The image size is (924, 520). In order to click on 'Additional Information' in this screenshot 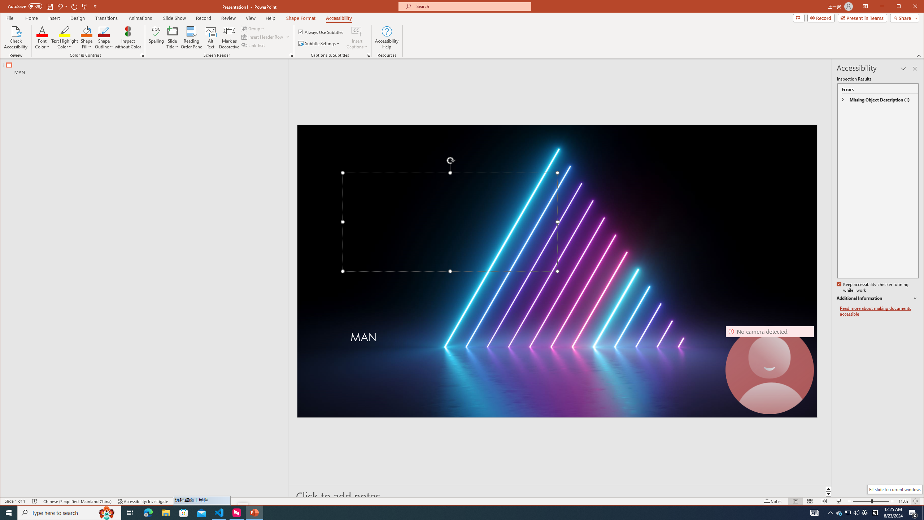, I will do `click(877, 298)`.